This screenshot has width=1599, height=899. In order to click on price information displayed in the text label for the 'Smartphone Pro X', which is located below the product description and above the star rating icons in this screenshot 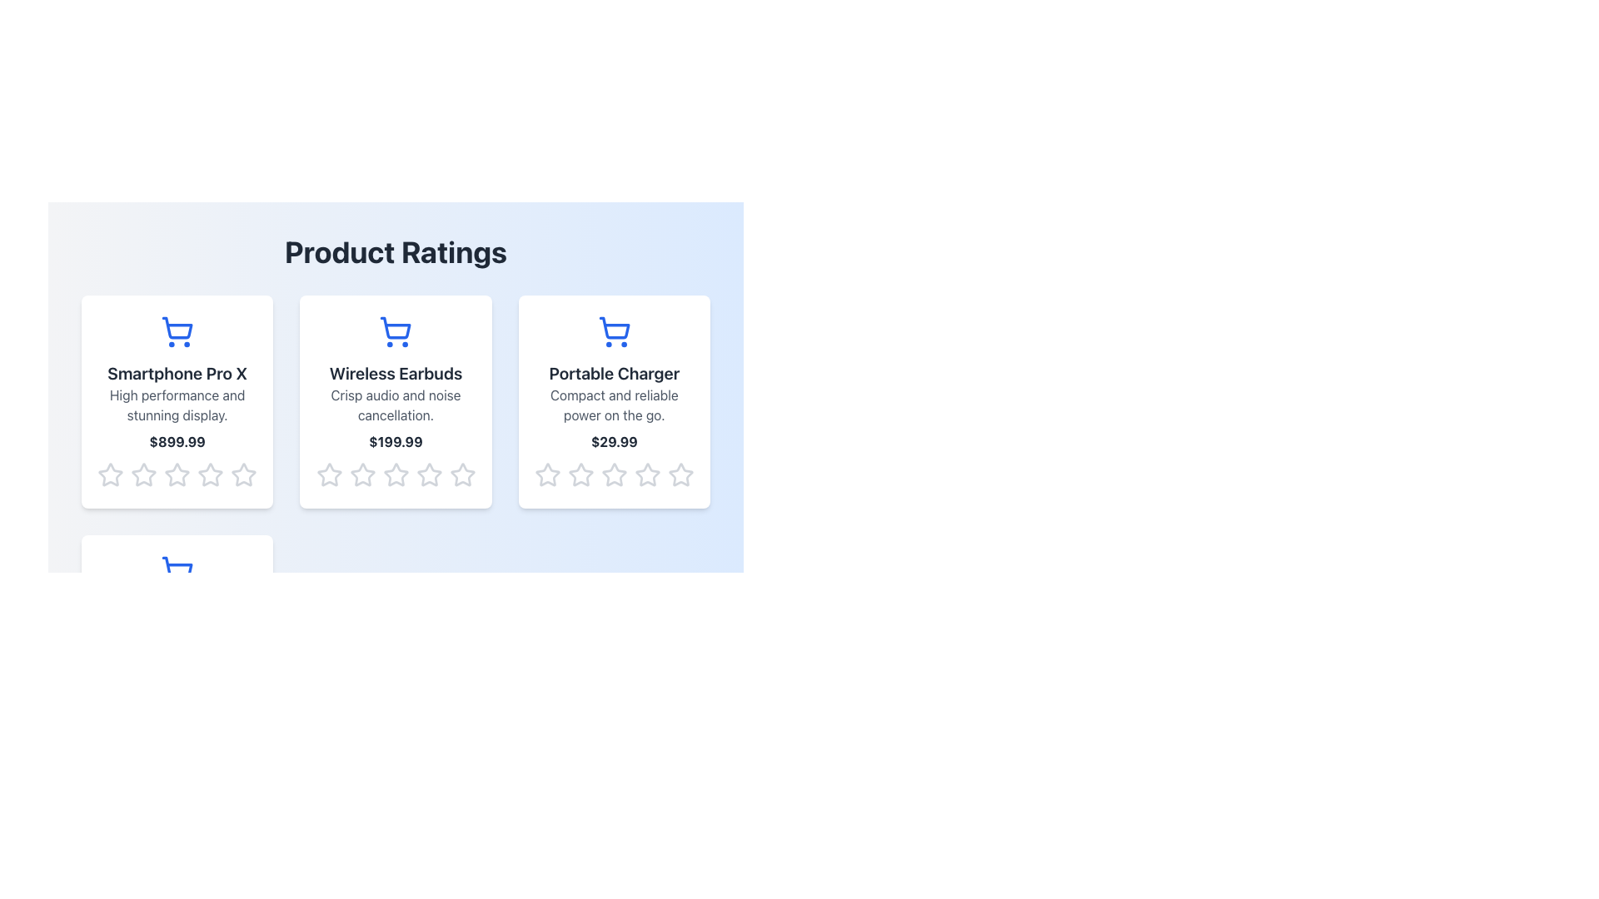, I will do `click(177, 441)`.